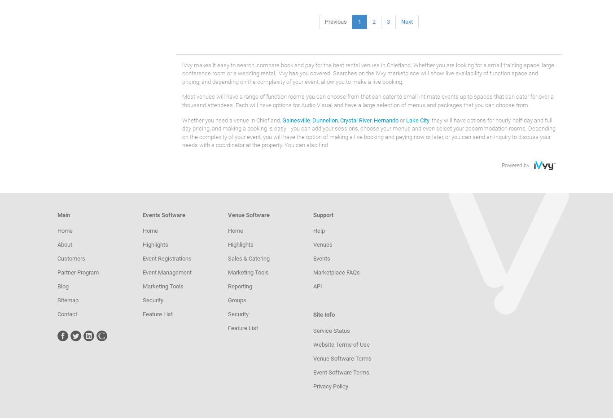 This screenshot has width=613, height=418. Describe the element at coordinates (62, 286) in the screenshot. I see `'Blog'` at that location.